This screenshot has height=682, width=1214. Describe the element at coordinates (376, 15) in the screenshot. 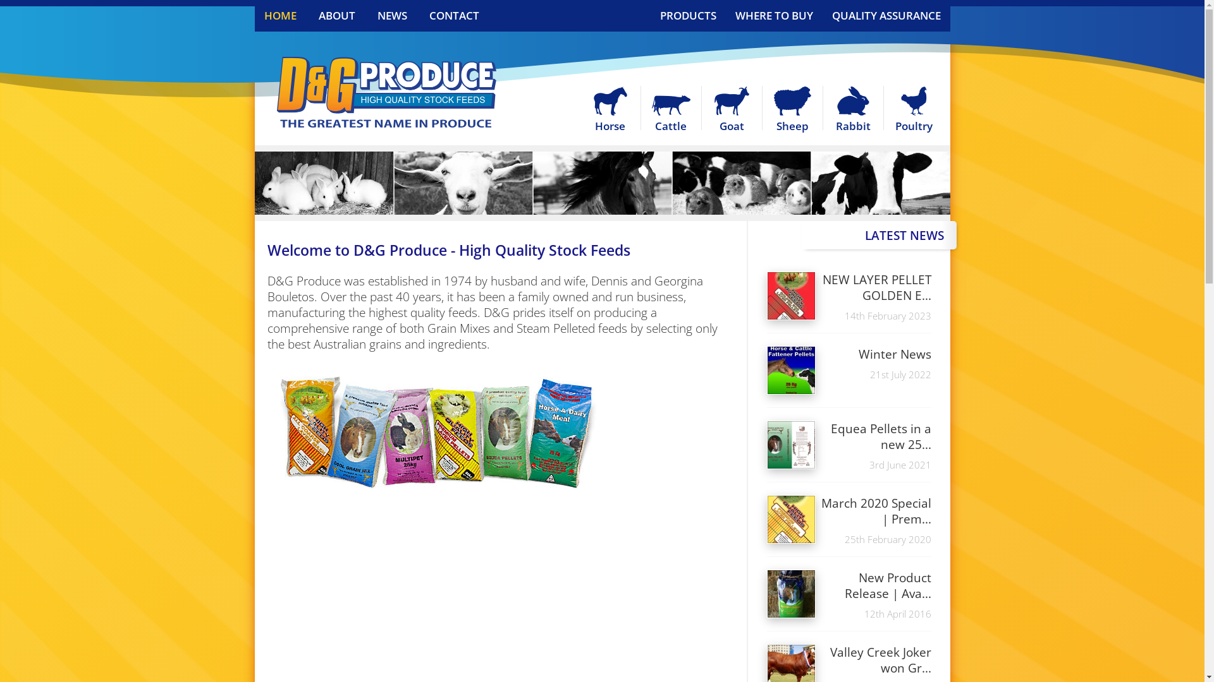

I see `'NEWS'` at that location.